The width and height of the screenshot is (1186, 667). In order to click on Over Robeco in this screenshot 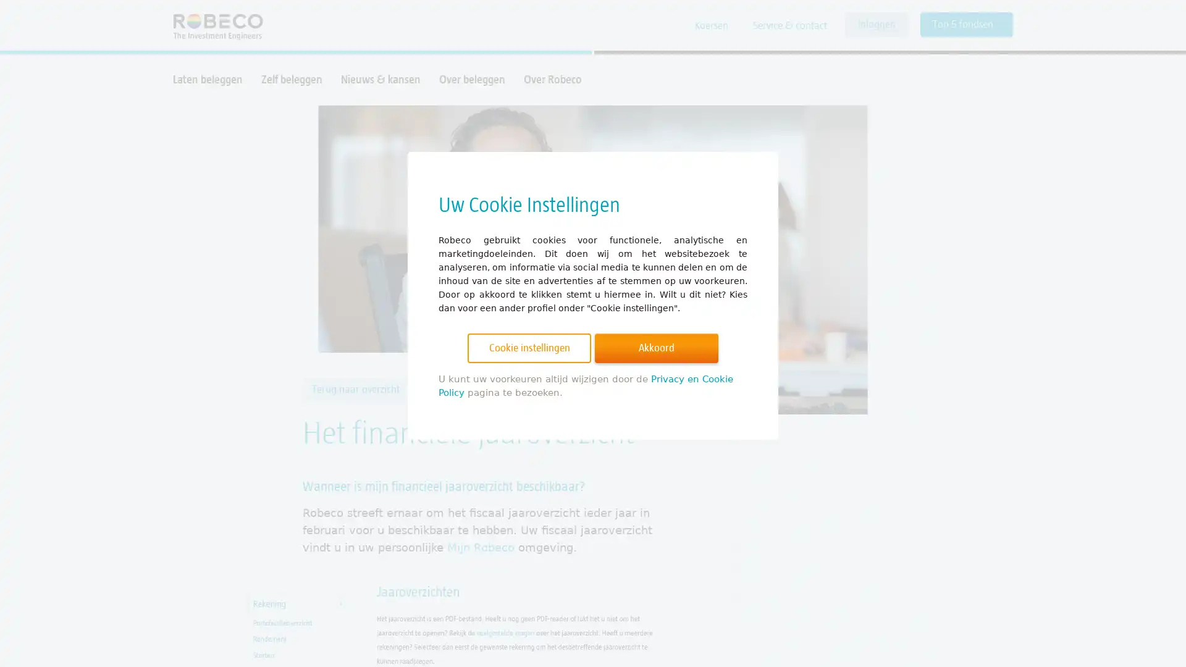, I will do `click(552, 79)`.